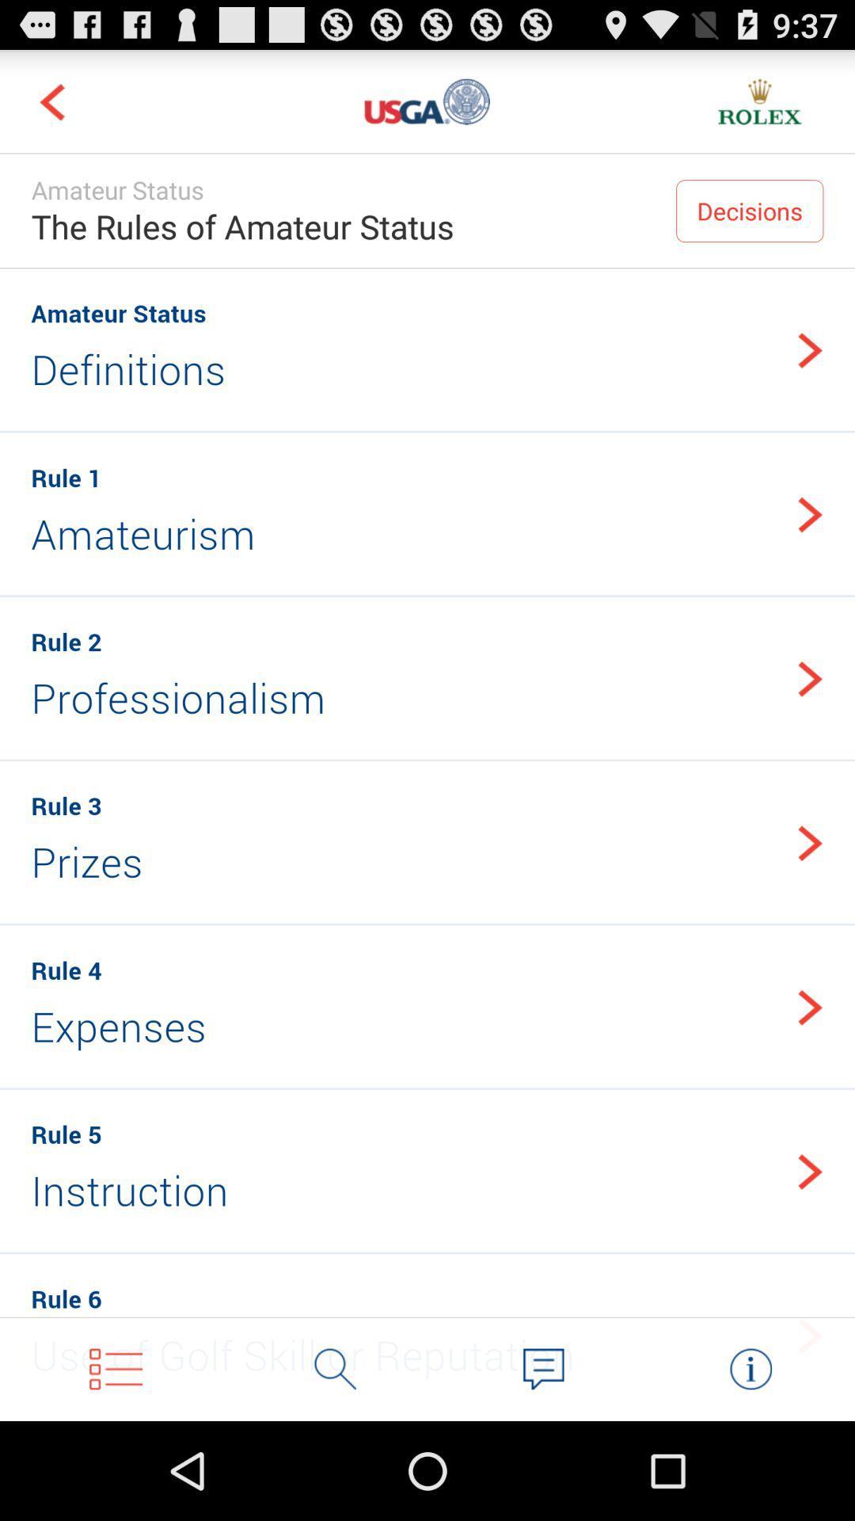  I want to click on search functionality, so click(335, 1368).